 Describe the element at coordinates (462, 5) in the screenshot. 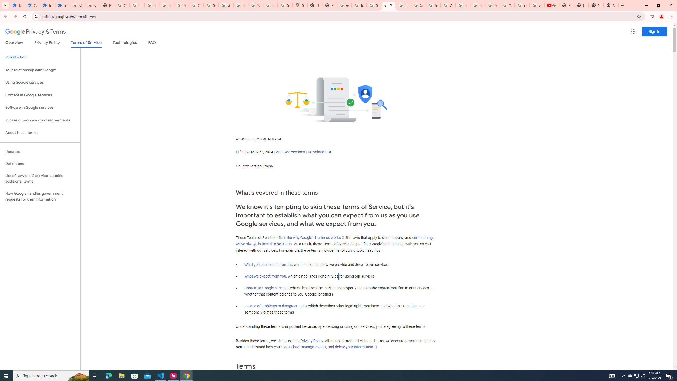

I see `'Privacy Help Center - Policies Help'` at that location.